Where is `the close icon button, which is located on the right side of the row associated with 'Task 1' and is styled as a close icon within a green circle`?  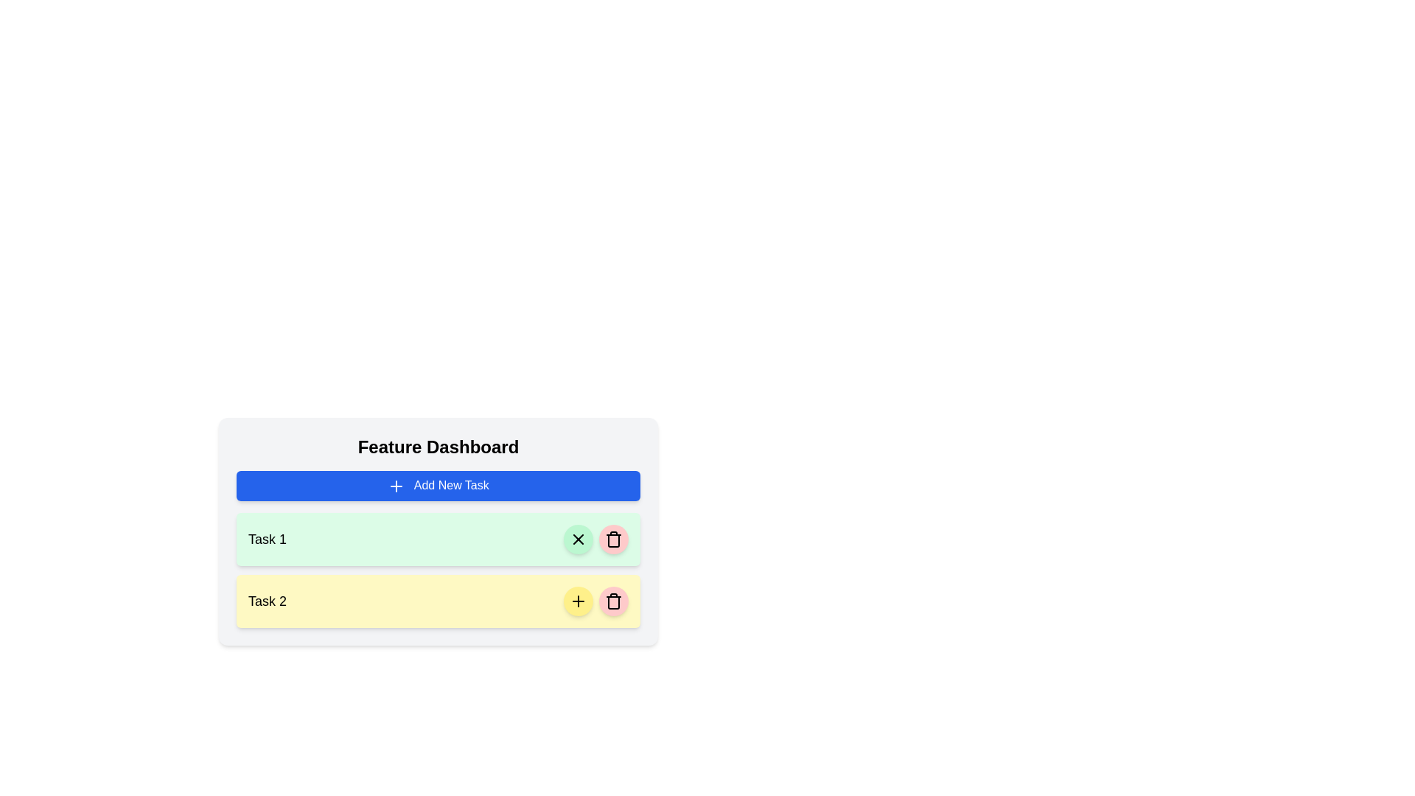
the close icon button, which is located on the right side of the row associated with 'Task 1' and is styled as a close icon within a green circle is located at coordinates (578, 539).